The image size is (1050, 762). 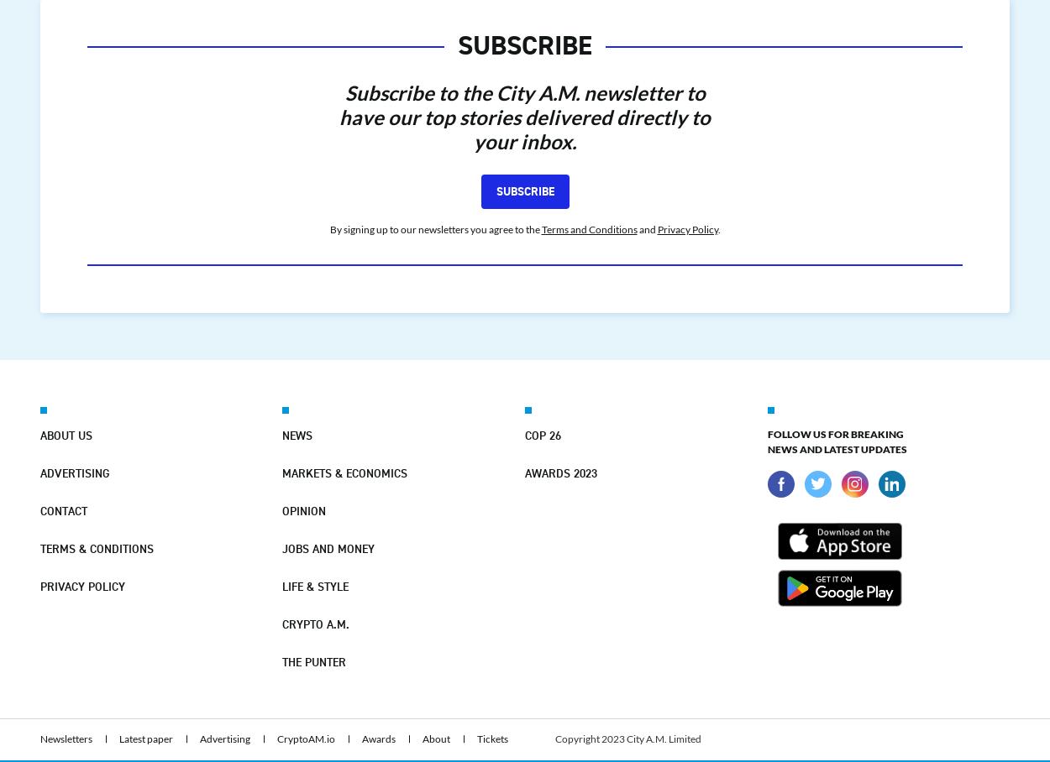 I want to click on 'Terms  & Conditions', so click(x=96, y=548).